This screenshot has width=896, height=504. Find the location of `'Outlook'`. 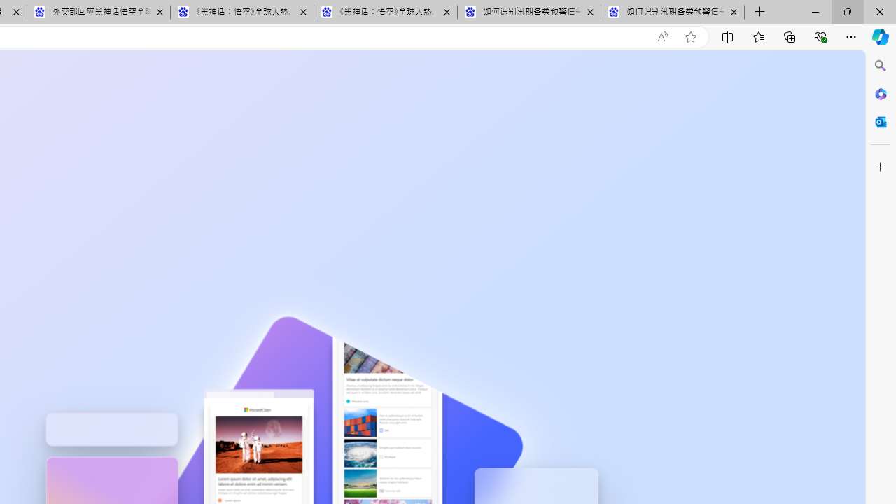

'Outlook' is located at coordinates (880, 121).